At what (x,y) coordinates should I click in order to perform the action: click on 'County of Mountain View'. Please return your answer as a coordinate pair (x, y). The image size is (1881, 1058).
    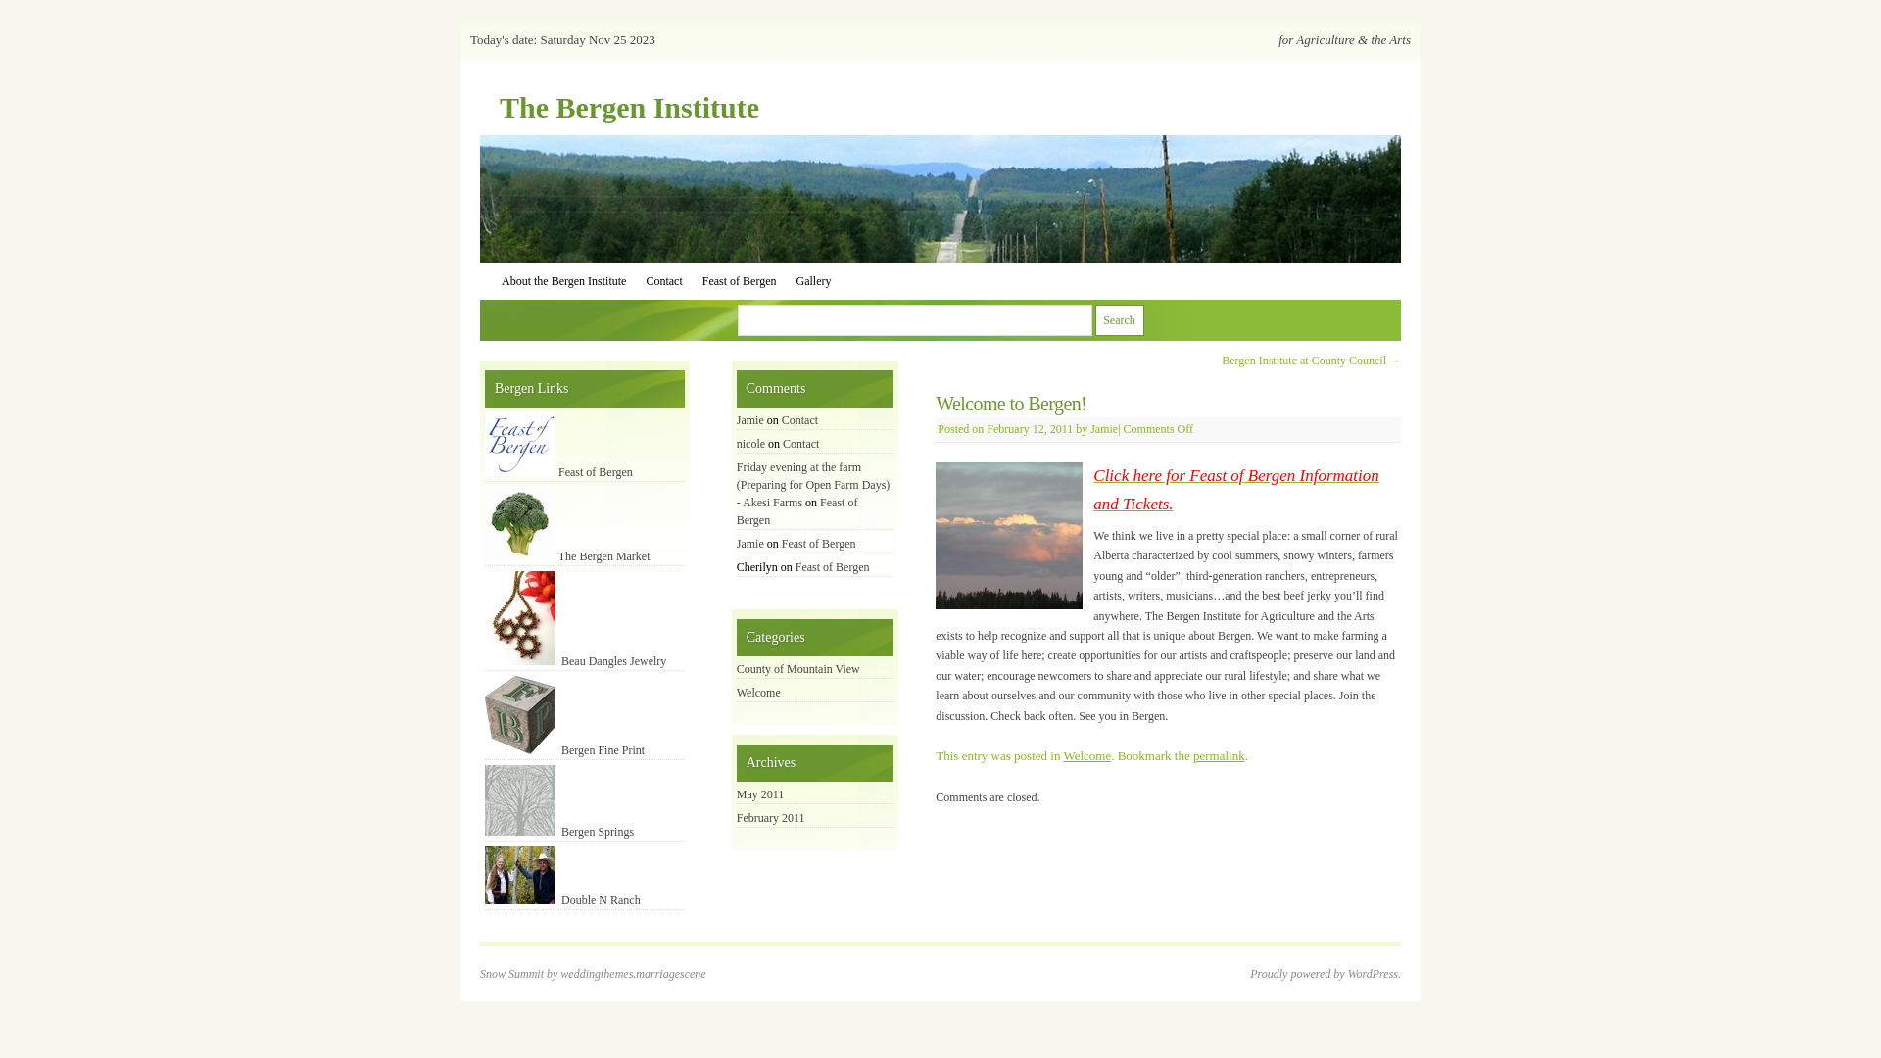
    Looking at the image, I should click on (798, 667).